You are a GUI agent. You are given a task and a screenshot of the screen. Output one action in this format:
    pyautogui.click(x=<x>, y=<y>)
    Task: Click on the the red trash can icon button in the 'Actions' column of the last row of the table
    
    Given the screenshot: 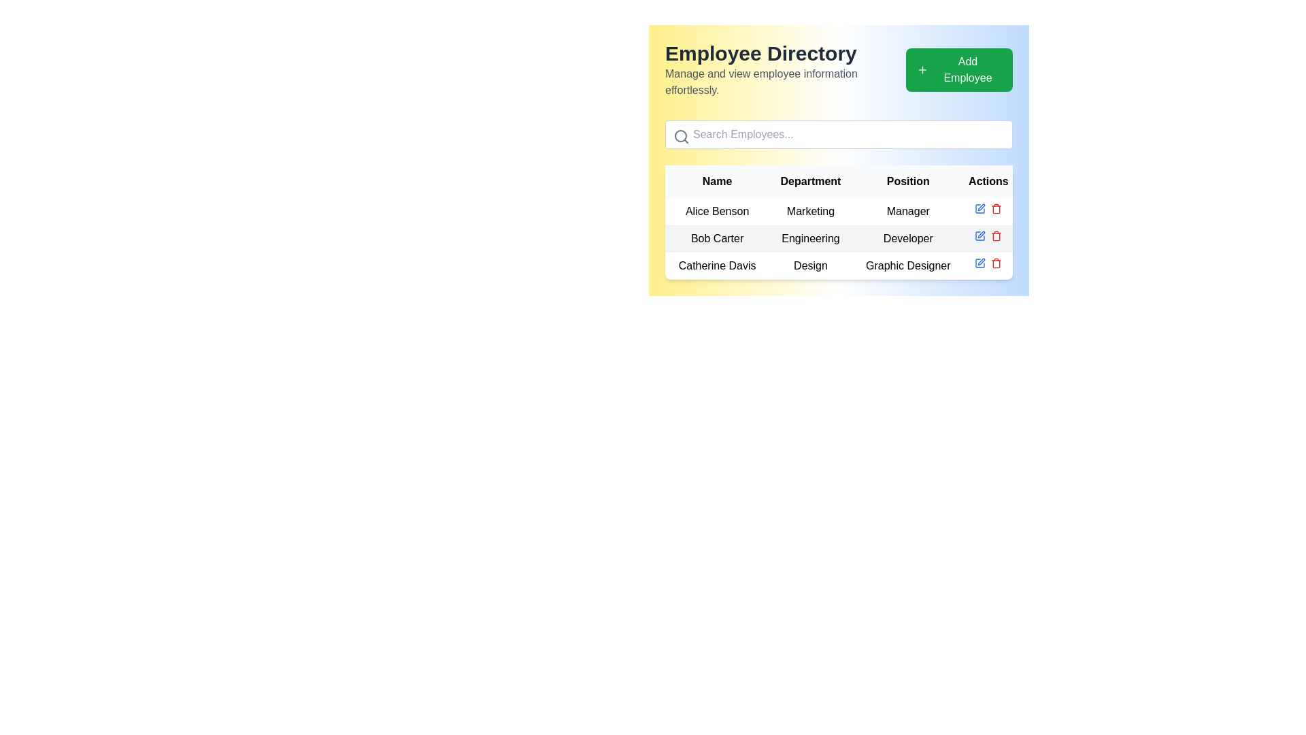 What is the action you would take?
    pyautogui.click(x=997, y=209)
    